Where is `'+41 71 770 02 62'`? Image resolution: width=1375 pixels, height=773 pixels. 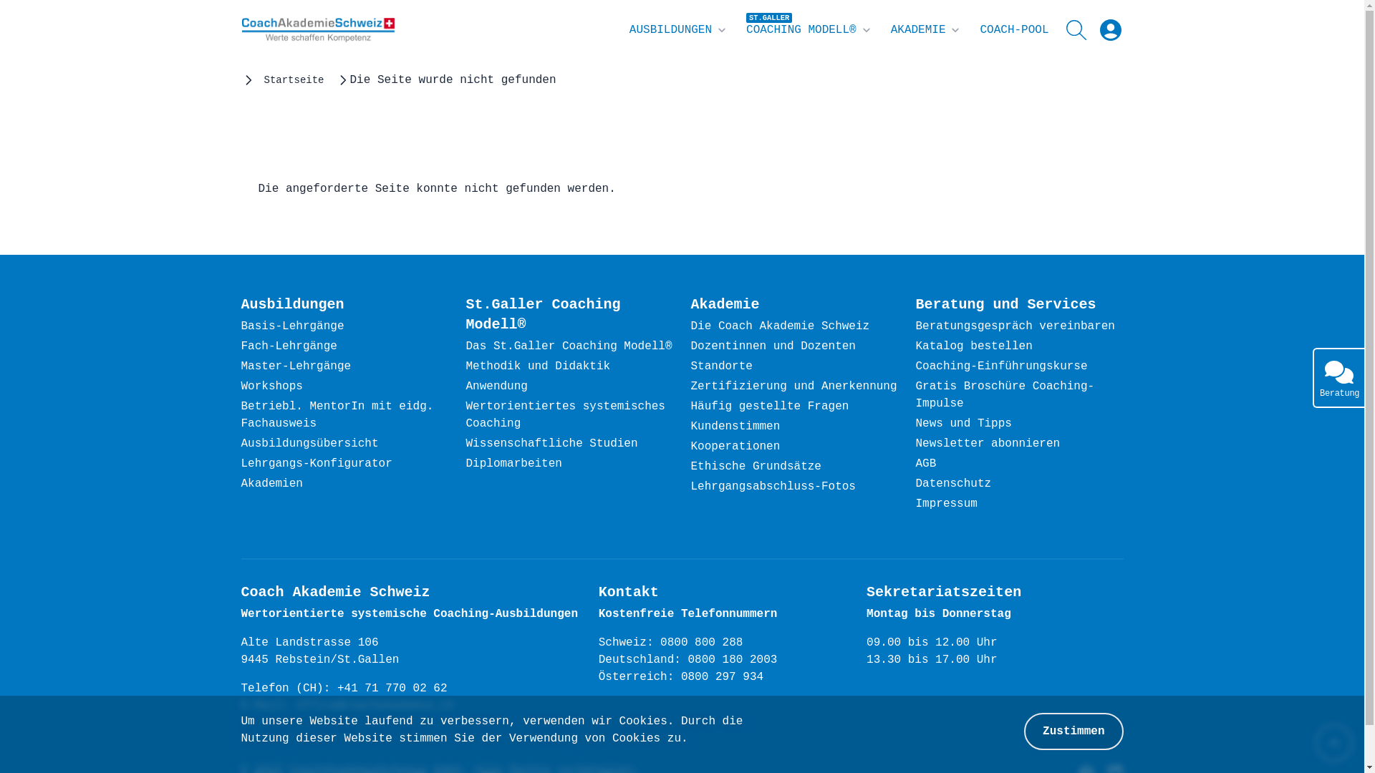 '+41 71 770 02 62' is located at coordinates (392, 689).